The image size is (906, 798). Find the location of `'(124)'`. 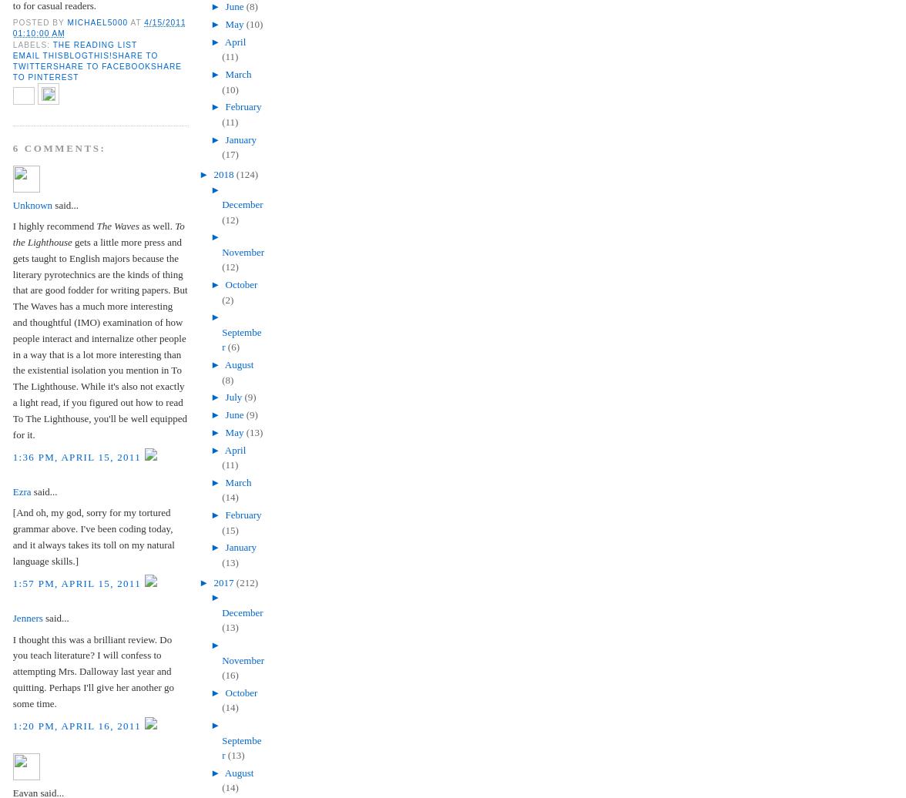

'(124)' is located at coordinates (247, 174).